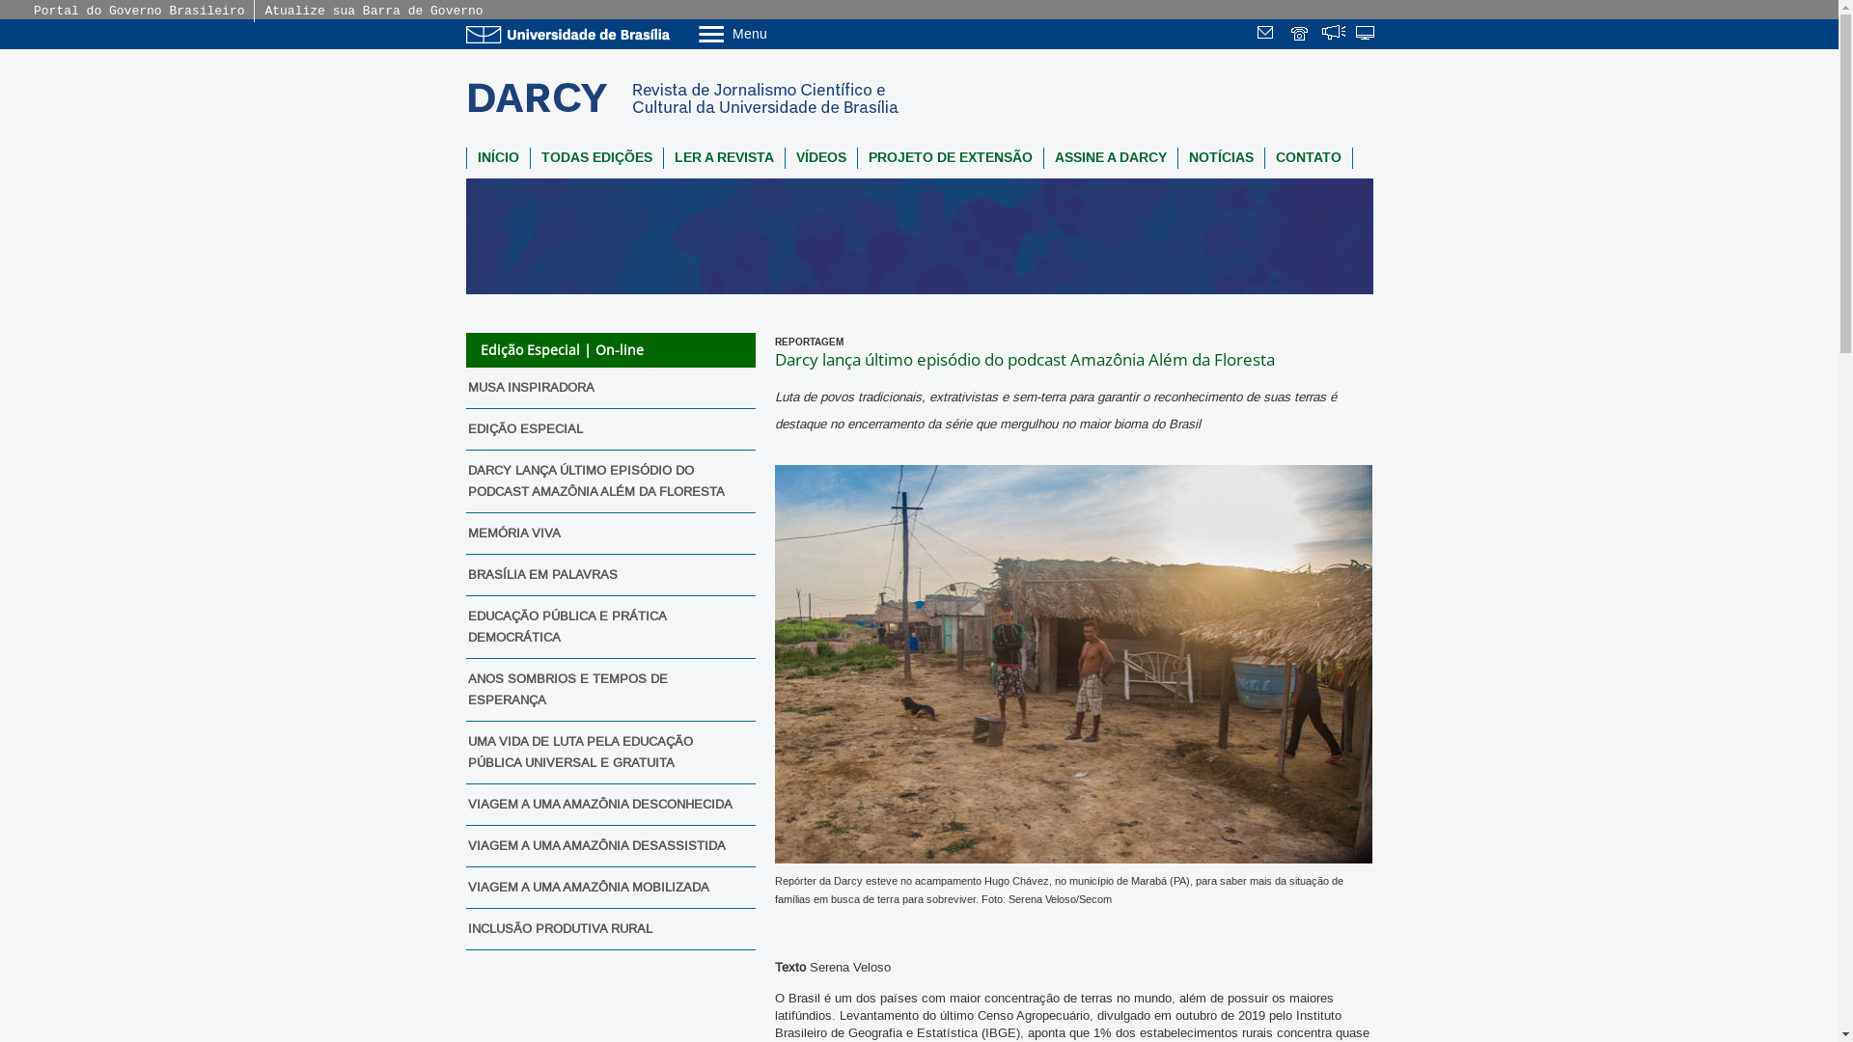 This screenshot has width=1853, height=1042. Describe the element at coordinates (1353, 35) in the screenshot. I see `' '` at that location.